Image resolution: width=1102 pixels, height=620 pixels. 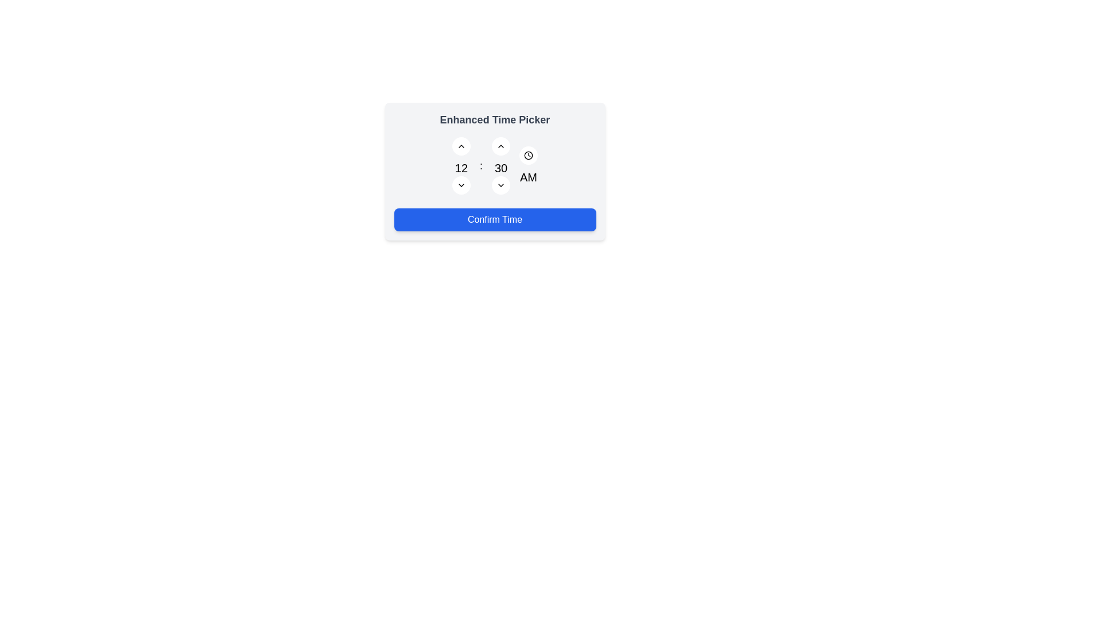 What do you see at coordinates (501, 185) in the screenshot?
I see `the dropdown icon located at the bottom-right corner of the time picker interface, below the 'AM' text label` at bounding box center [501, 185].